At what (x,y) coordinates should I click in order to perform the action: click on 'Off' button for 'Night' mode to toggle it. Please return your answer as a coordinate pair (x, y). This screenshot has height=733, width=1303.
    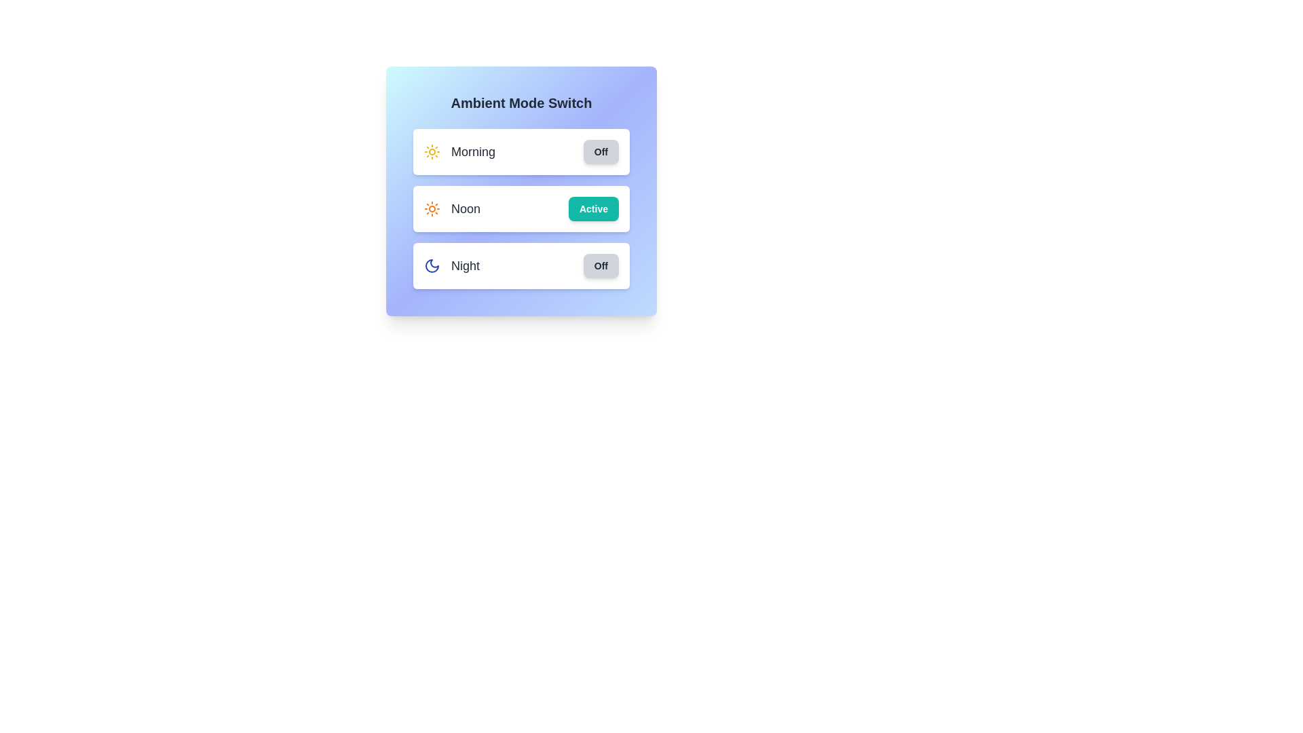
    Looking at the image, I should click on (600, 266).